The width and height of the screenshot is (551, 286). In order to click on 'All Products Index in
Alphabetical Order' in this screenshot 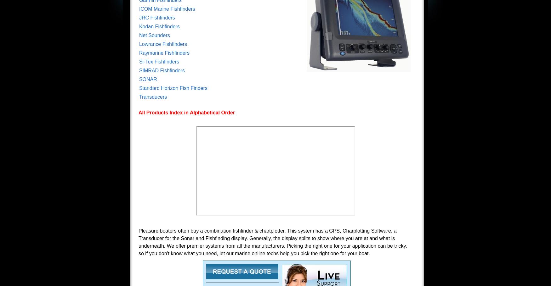, I will do `click(186, 113)`.